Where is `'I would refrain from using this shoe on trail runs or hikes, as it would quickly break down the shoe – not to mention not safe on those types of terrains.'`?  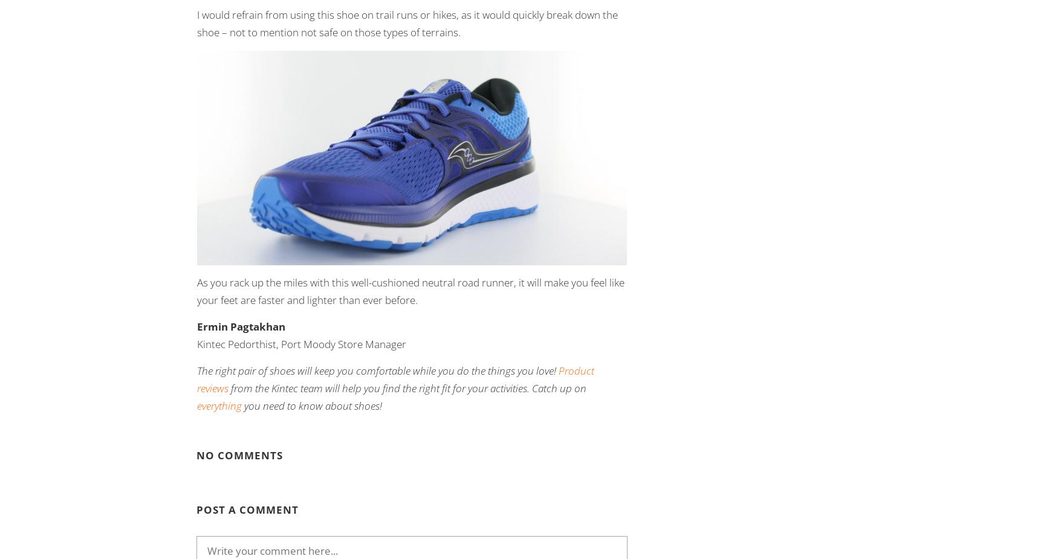 'I would refrain from using this shoe on trail runs or hikes, as it would quickly break down the shoe – not to mention not safe on those types of terrains.' is located at coordinates (406, 22).